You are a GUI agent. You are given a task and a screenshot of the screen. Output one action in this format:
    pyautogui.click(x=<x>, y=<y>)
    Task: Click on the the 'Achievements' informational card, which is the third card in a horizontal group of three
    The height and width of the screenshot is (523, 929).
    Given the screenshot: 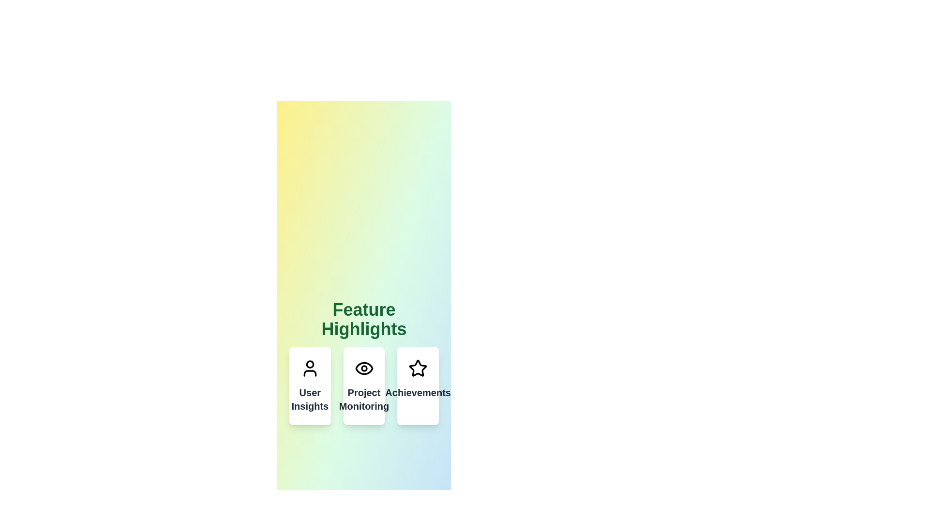 What is the action you would take?
    pyautogui.click(x=418, y=385)
    